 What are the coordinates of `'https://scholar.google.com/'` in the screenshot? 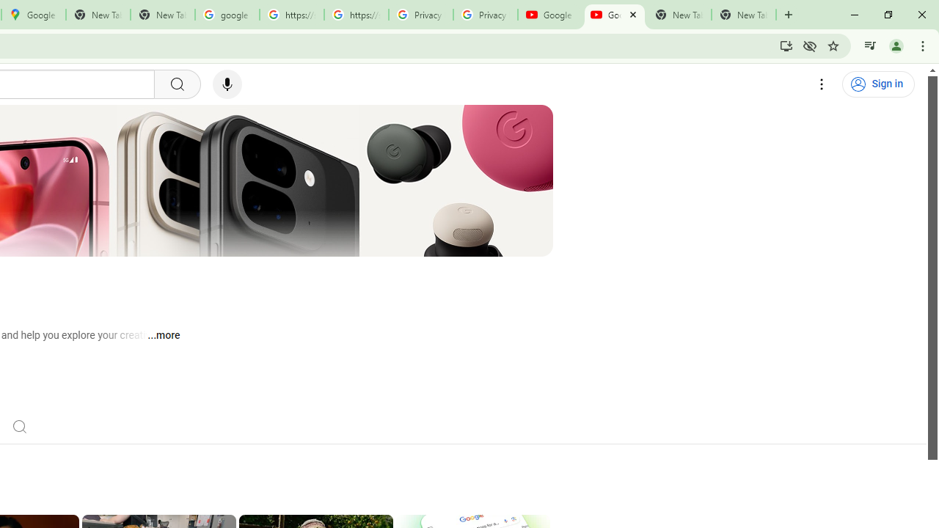 It's located at (356, 15).